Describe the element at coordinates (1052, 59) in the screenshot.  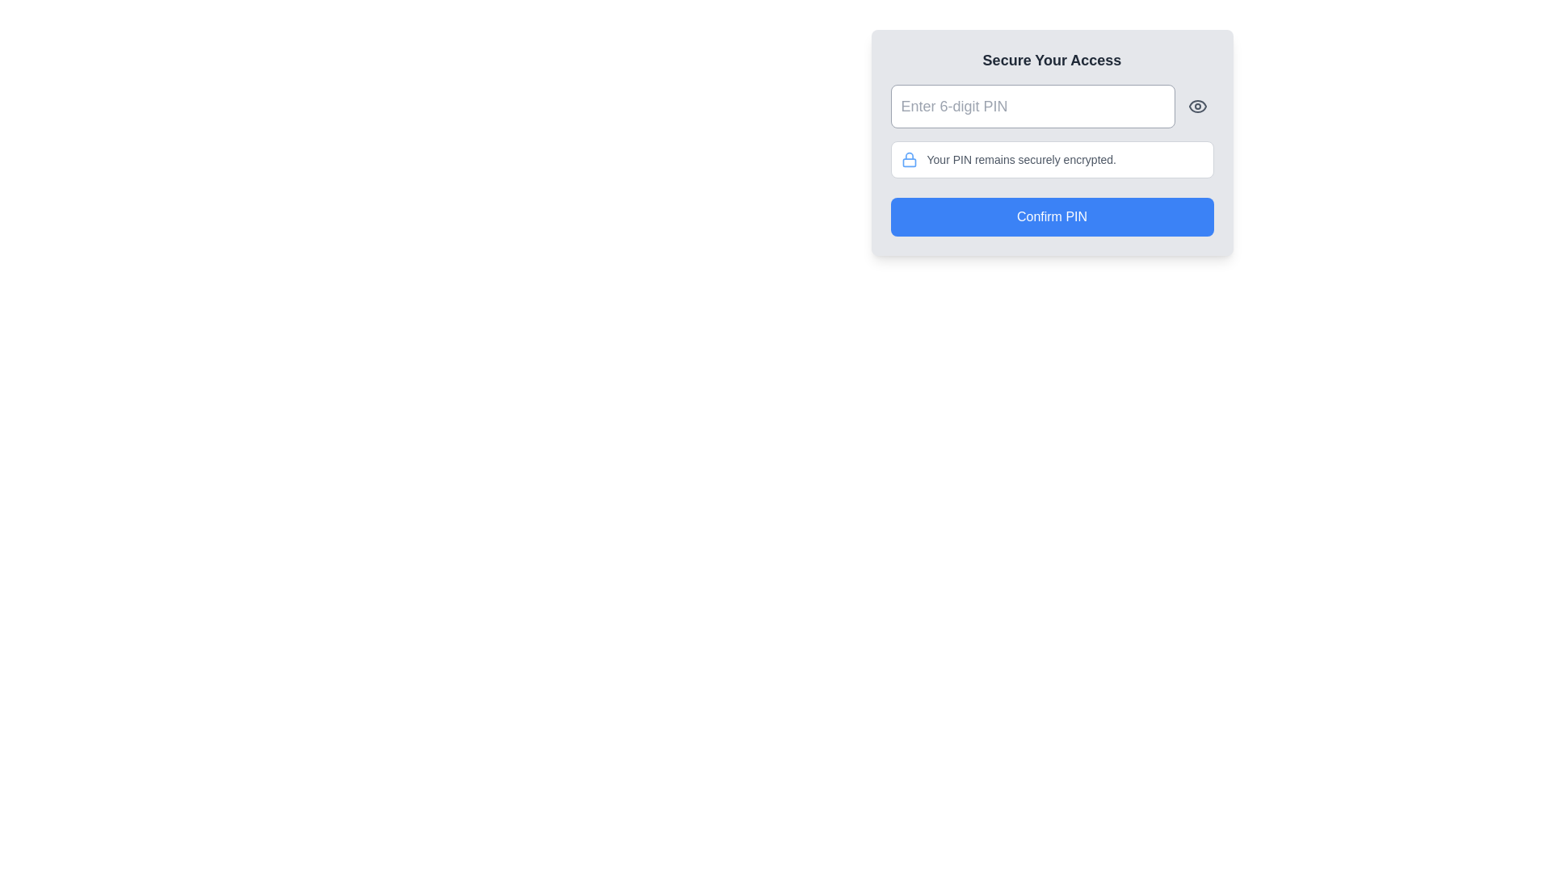
I see `bold, large text header that says 'Secure Your Access', which is located at the top of the rounded rectangular card` at that location.